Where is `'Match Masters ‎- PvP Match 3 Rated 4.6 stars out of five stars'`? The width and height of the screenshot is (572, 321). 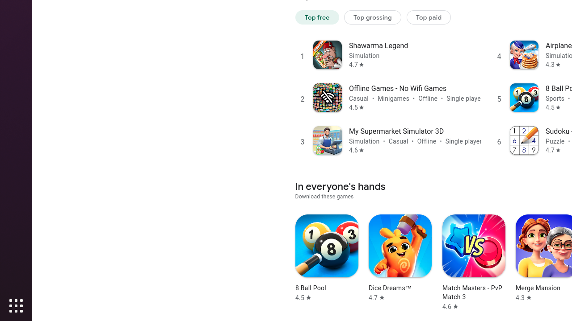 'Match Masters ‎- PvP Match 3 Rated 4.6 stars out of five stars' is located at coordinates (473, 262).